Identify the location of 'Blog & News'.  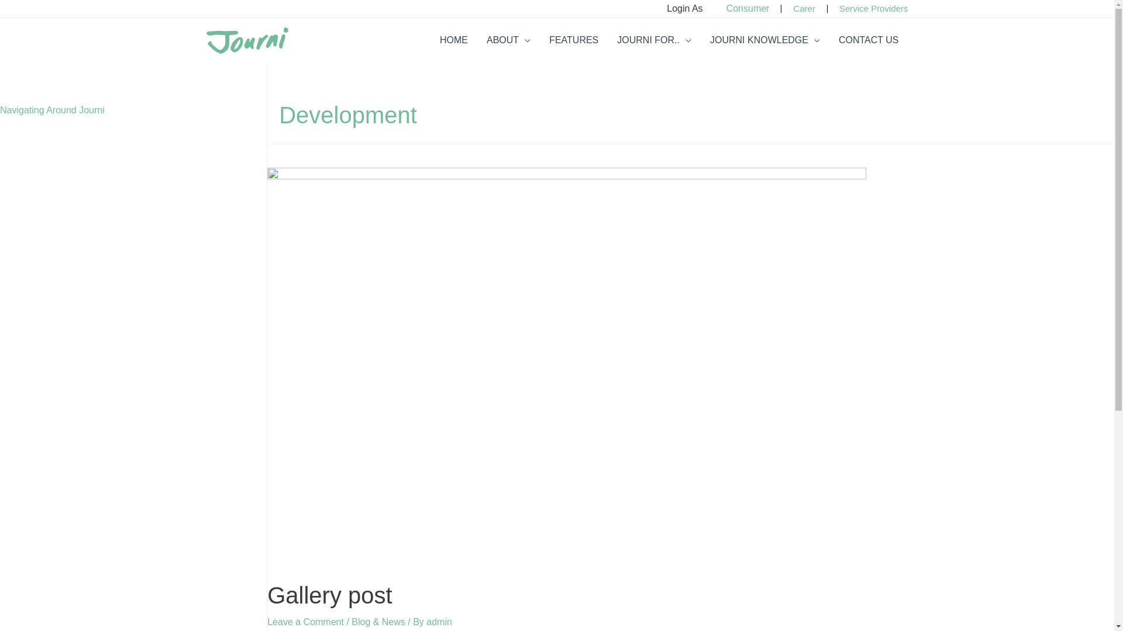
(350, 621).